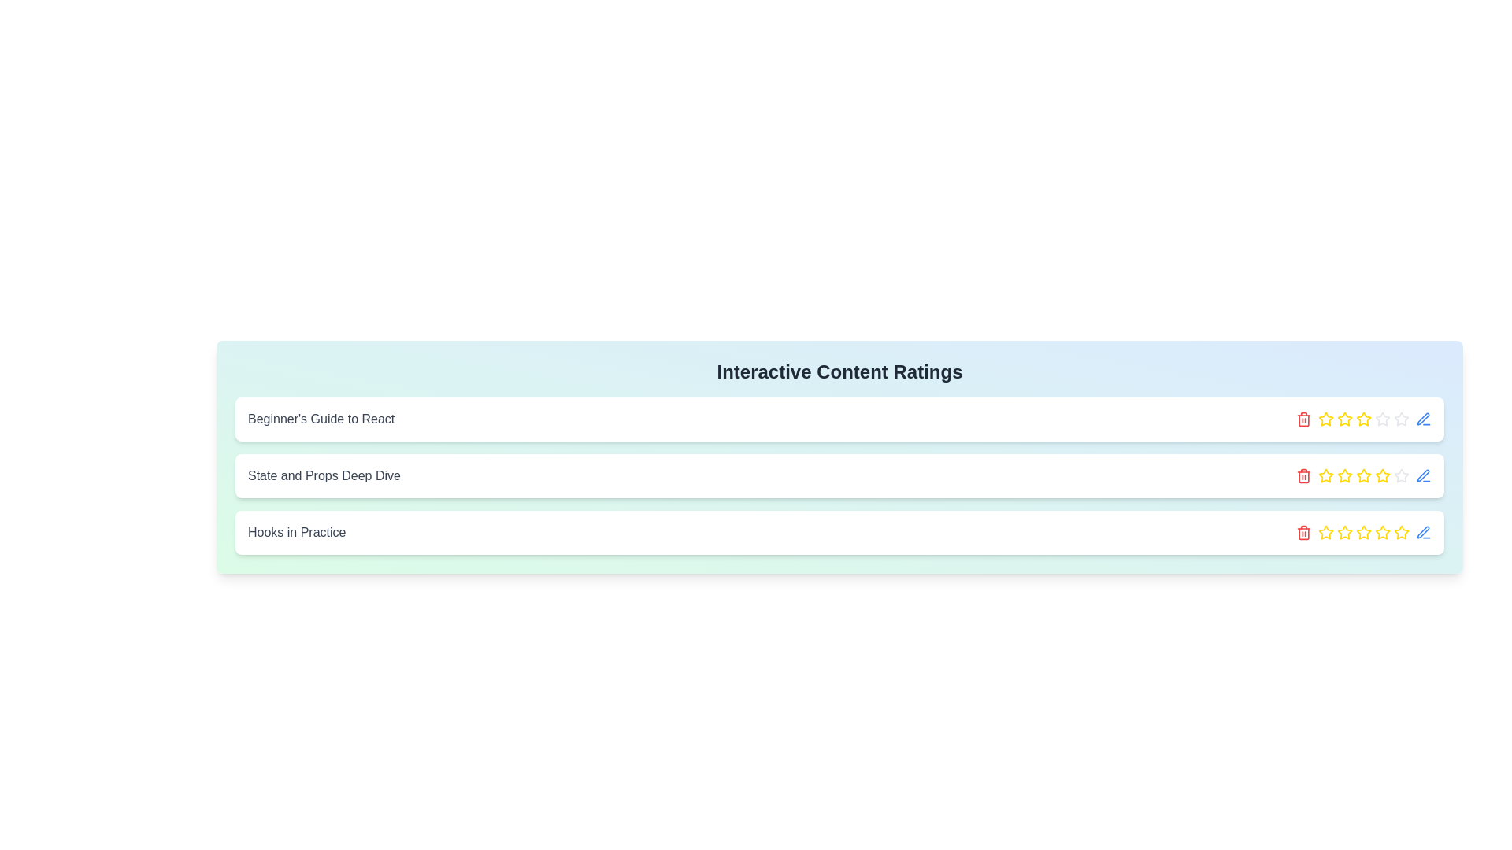  What do you see at coordinates (1382, 475) in the screenshot?
I see `the fifth star icon in the rating system` at bounding box center [1382, 475].